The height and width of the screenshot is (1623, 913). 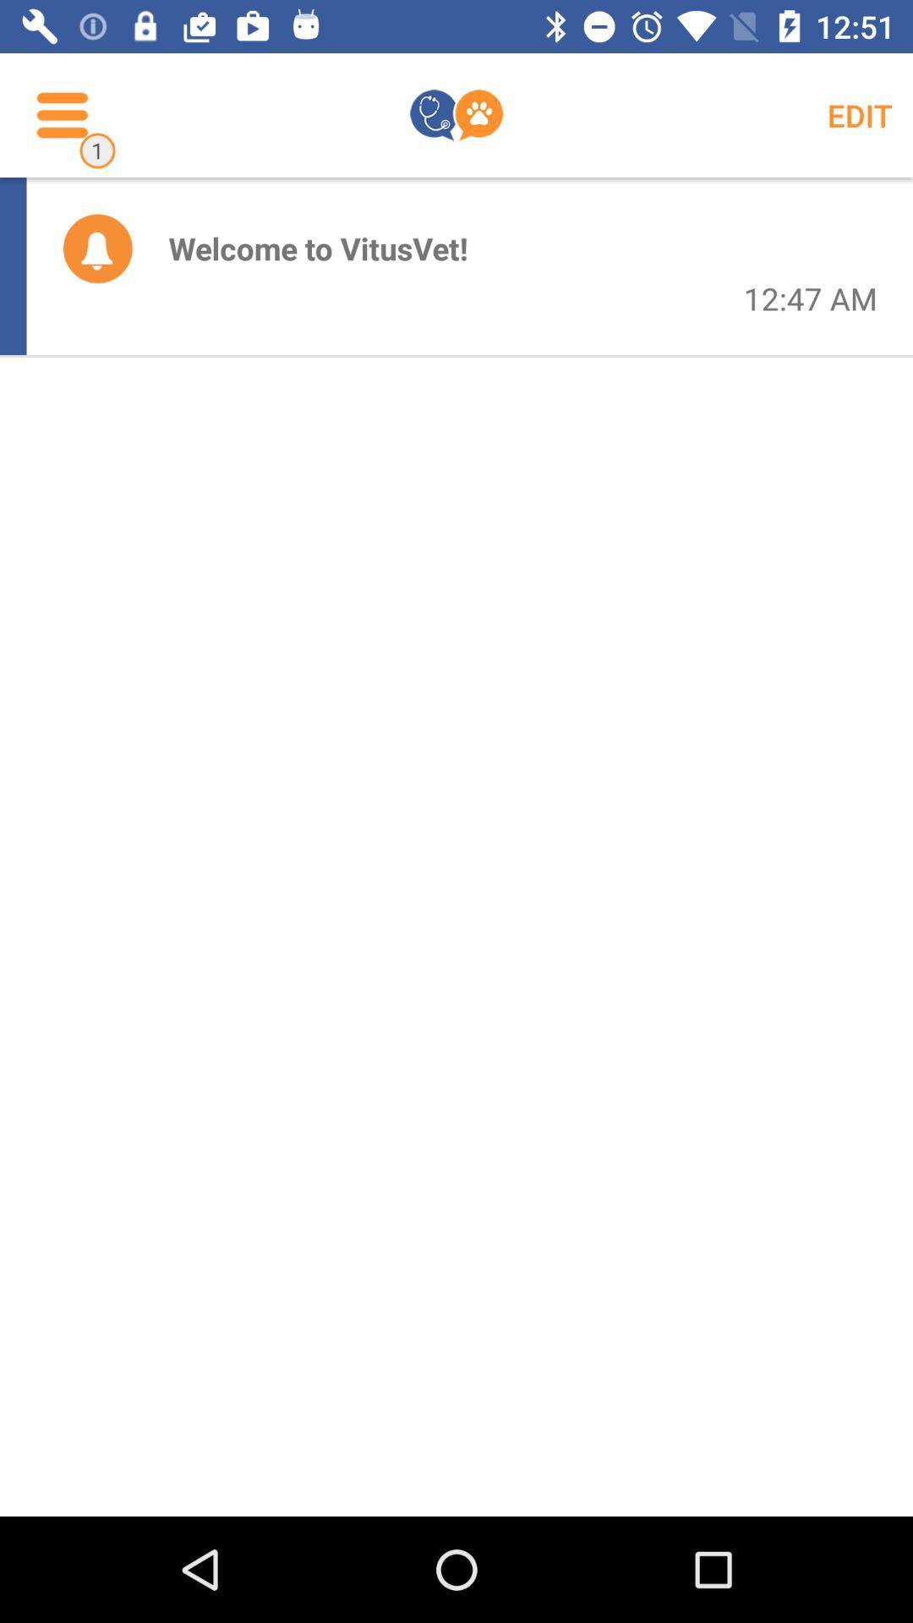 I want to click on item below edit, so click(x=809, y=298).